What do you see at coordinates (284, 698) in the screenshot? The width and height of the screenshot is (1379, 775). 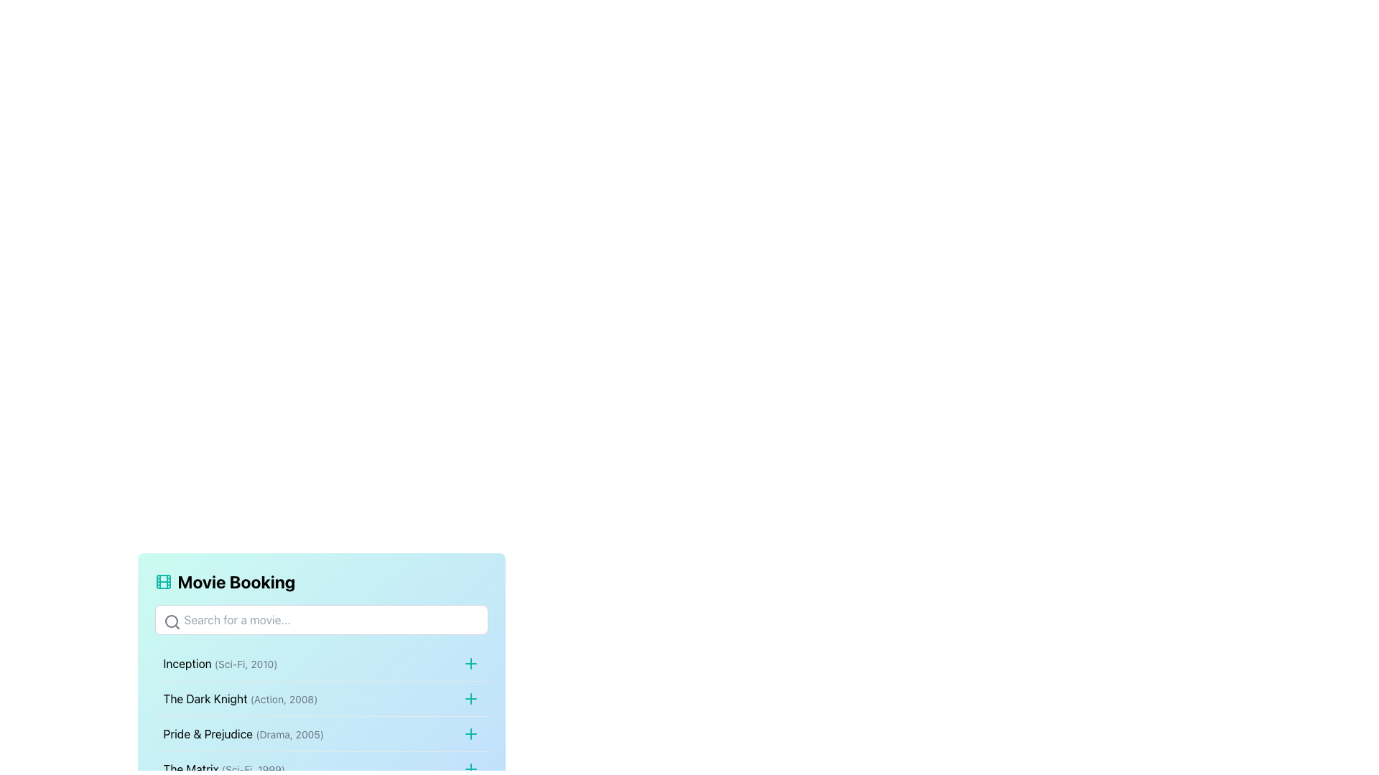 I see `text label that provides additional details about the movie, specifically its genre and release year, located to the right of 'The Dark Knight'` at bounding box center [284, 698].